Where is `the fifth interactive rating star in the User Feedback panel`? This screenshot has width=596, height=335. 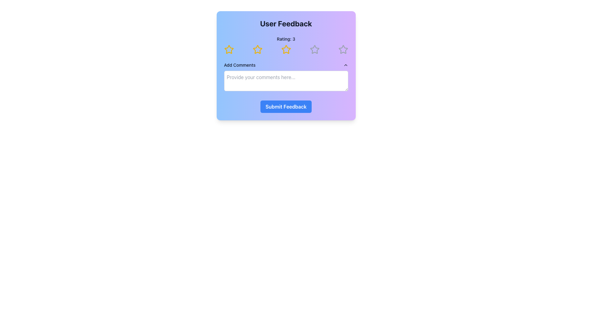
the fifth interactive rating star in the User Feedback panel is located at coordinates (343, 49).